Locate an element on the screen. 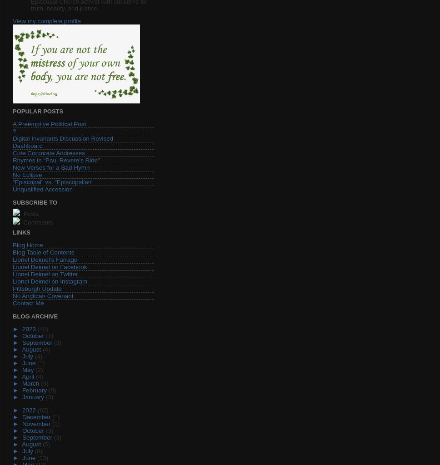 The width and height of the screenshot is (440, 465). '2023' is located at coordinates (21, 328).